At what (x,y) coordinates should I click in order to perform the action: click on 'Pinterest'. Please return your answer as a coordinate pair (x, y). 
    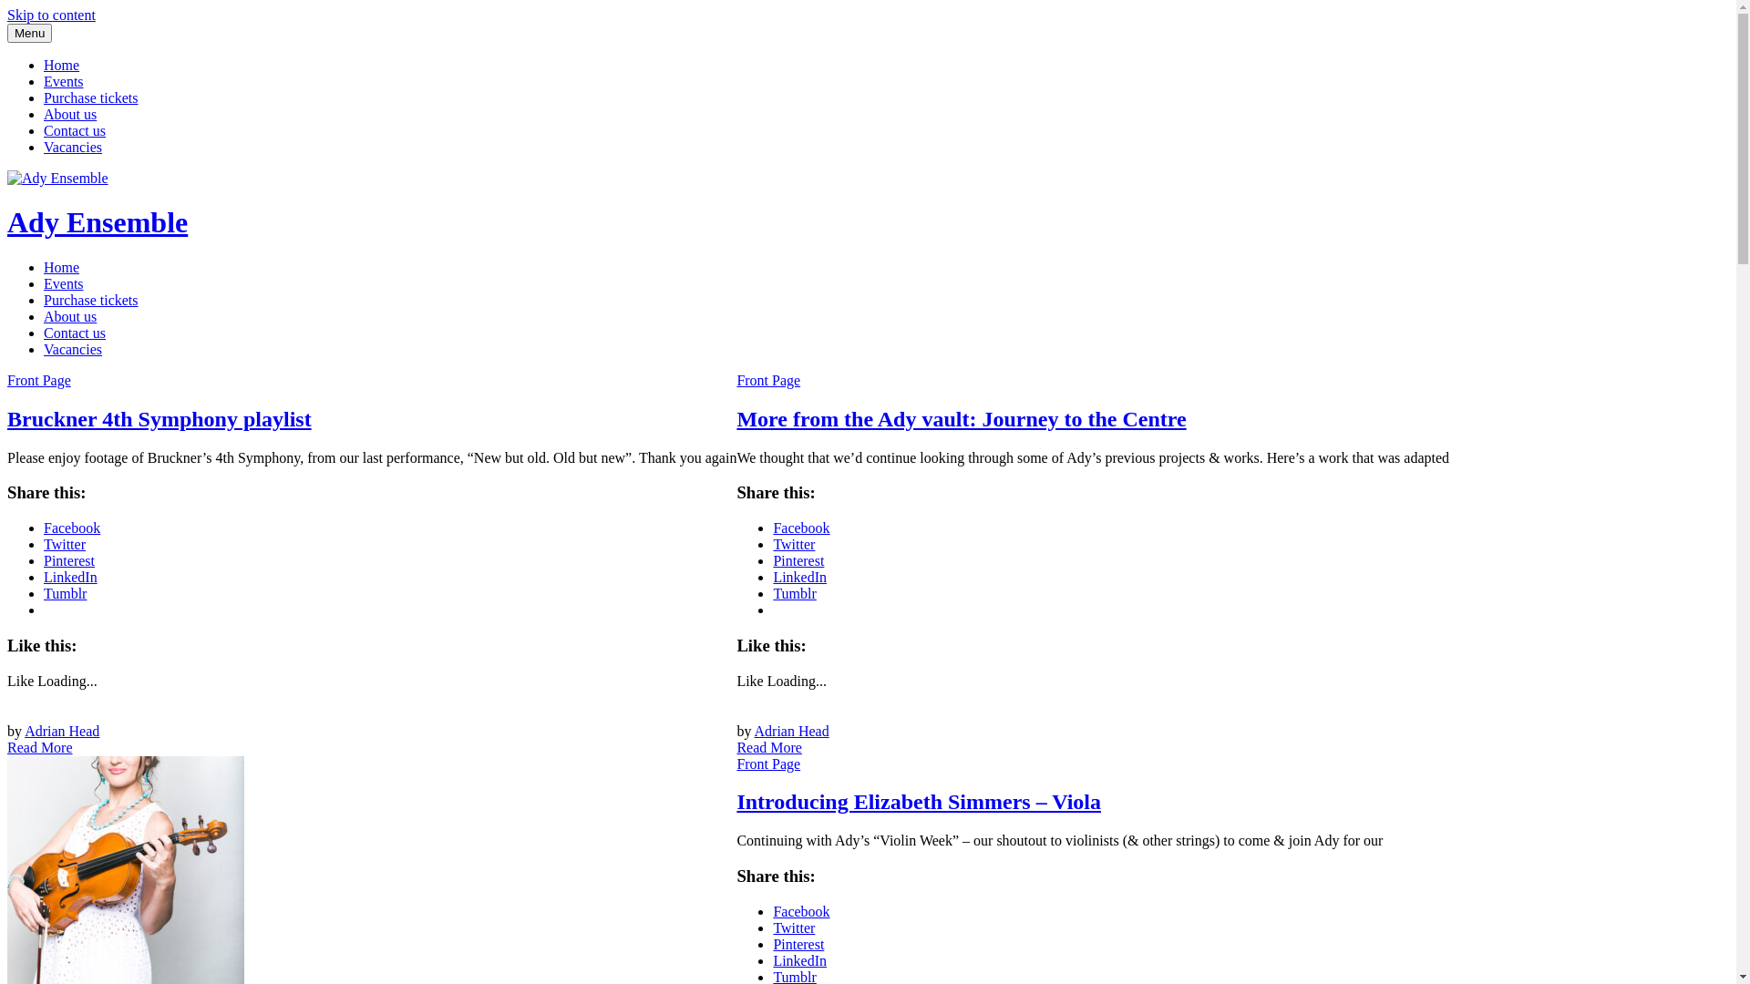
    Looking at the image, I should click on (798, 943).